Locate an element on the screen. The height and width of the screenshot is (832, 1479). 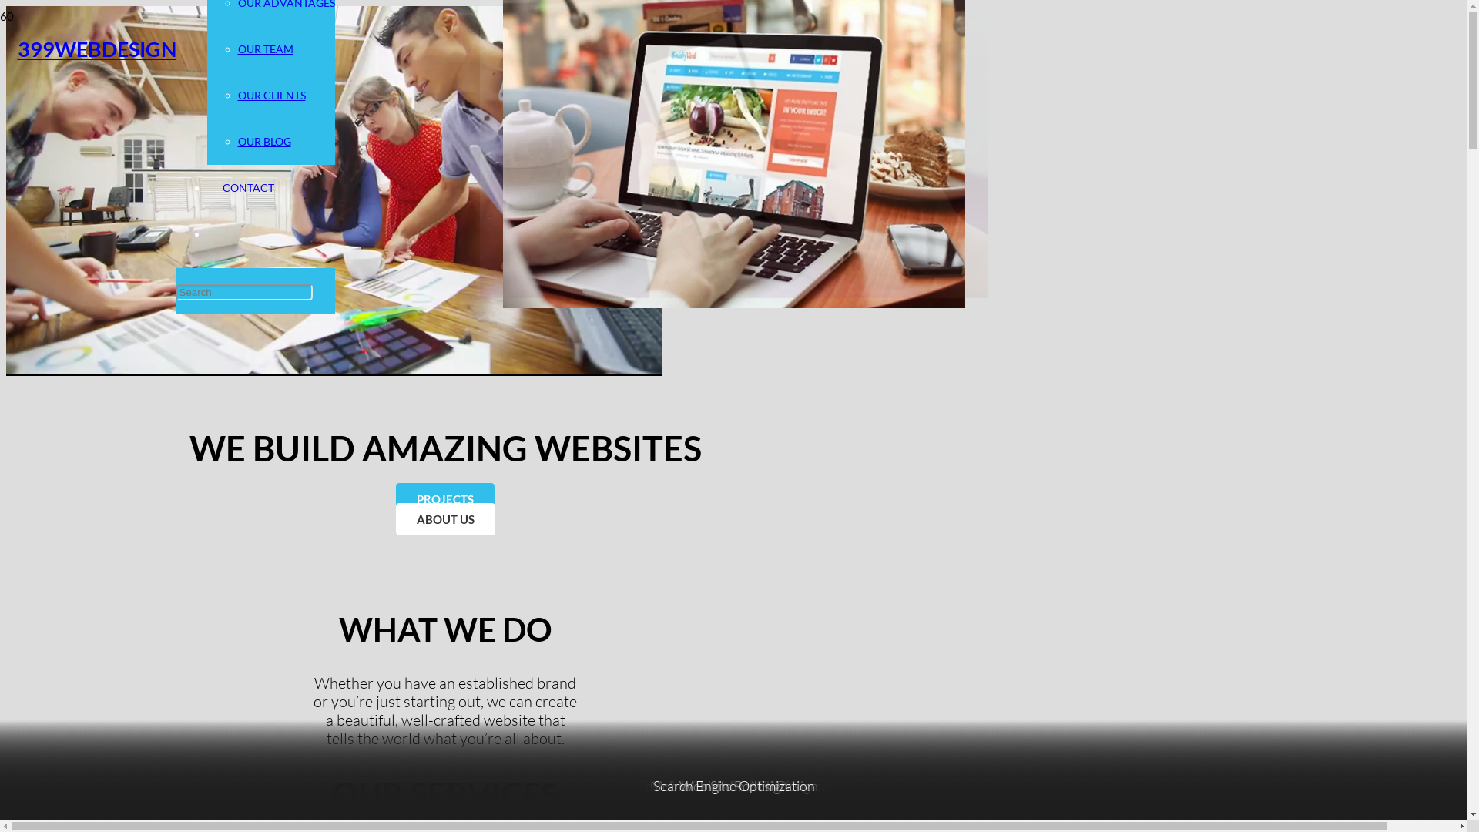
'OUR CLIENTS' is located at coordinates (270, 95).